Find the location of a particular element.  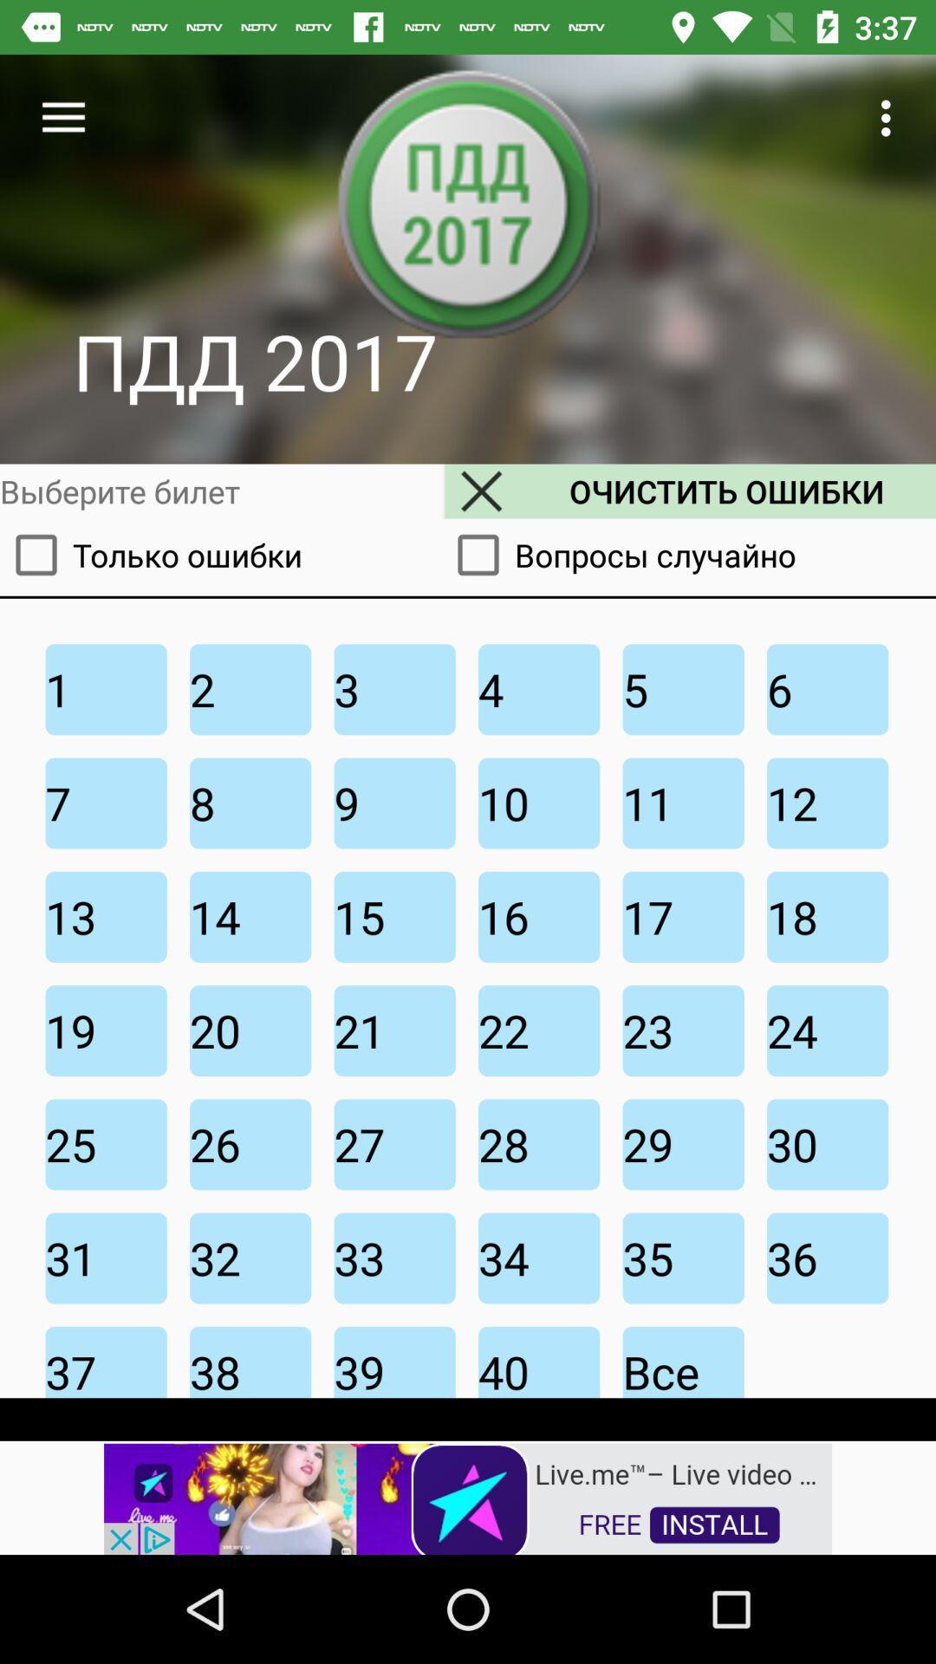

advertisement for live.me is located at coordinates (468, 1497).